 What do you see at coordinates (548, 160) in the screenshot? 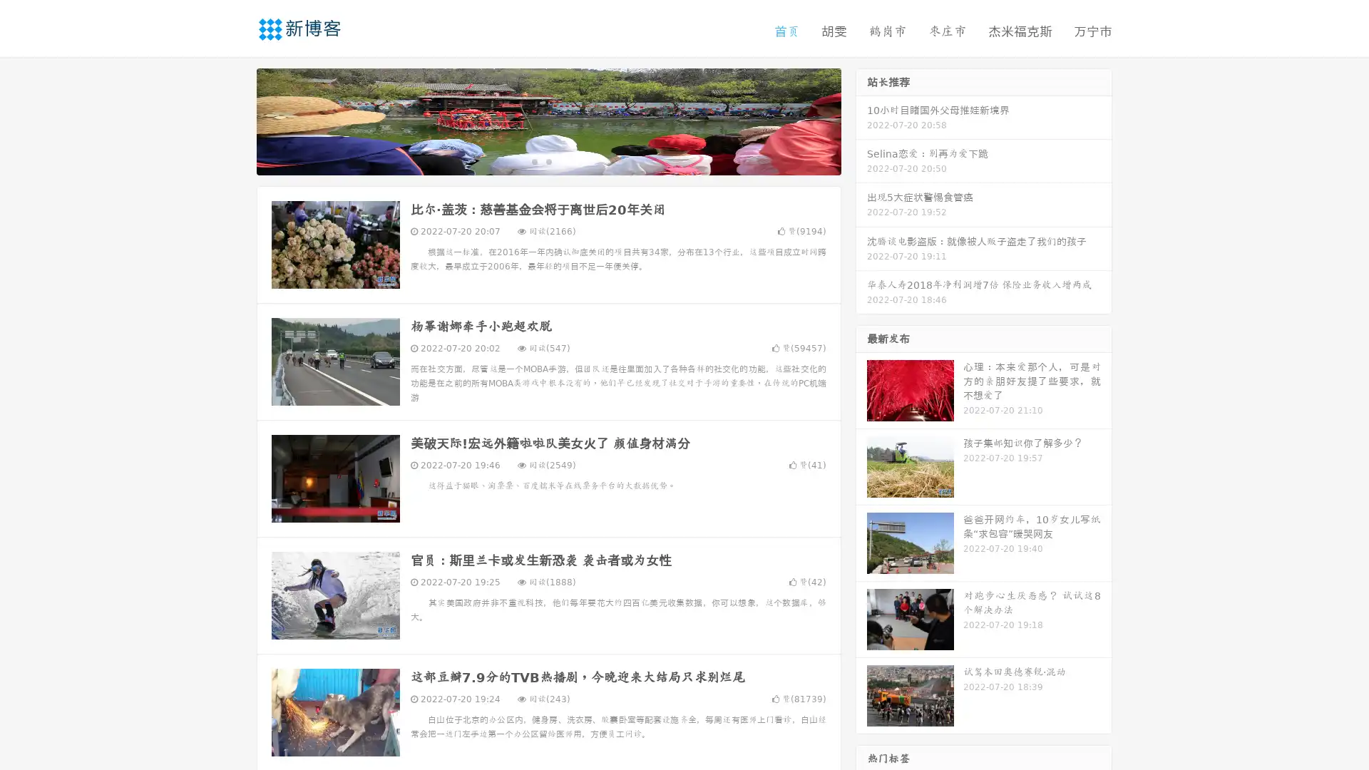
I see `Go to slide 2` at bounding box center [548, 160].